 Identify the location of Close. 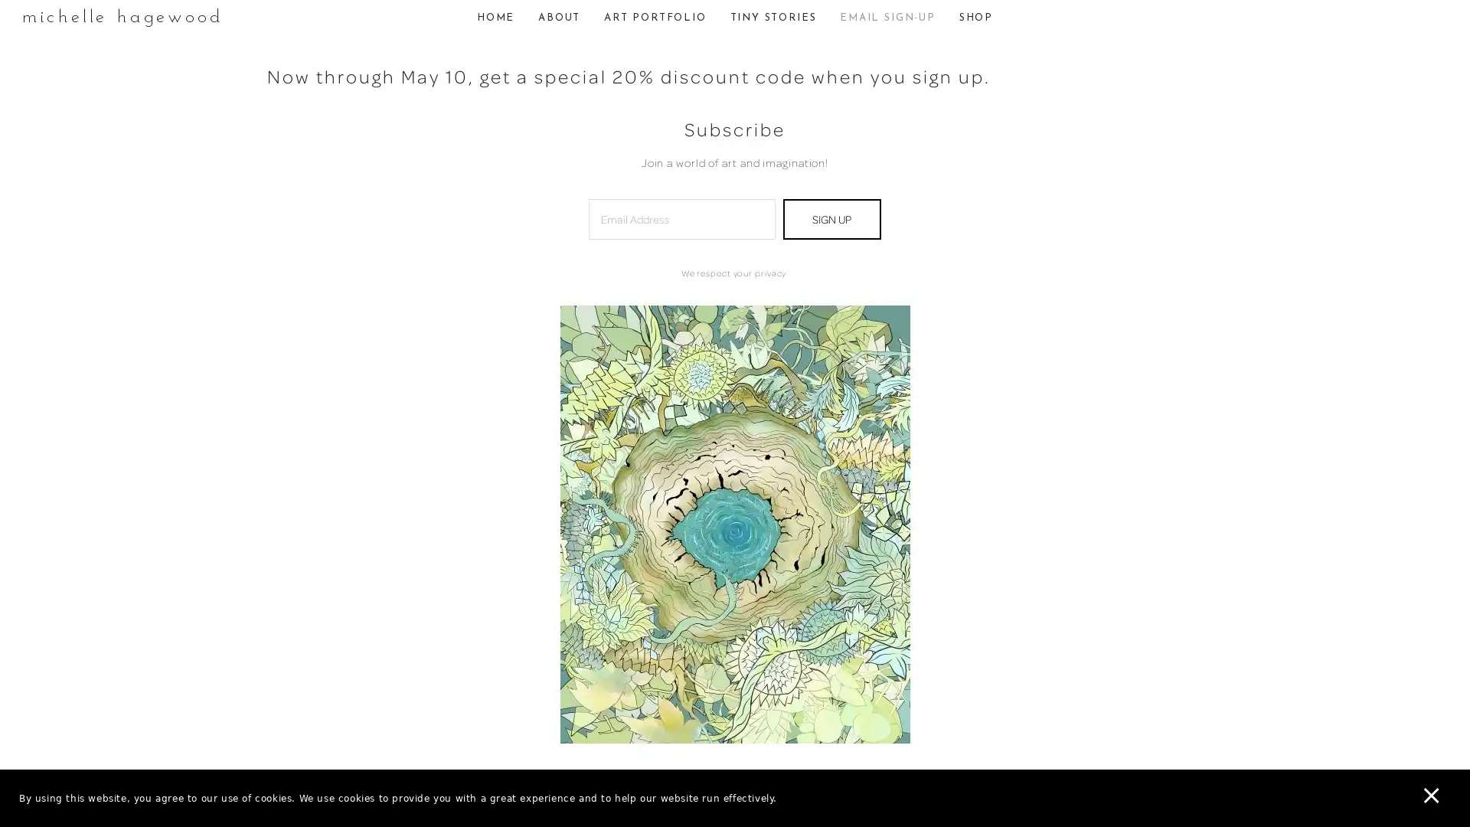
(954, 252).